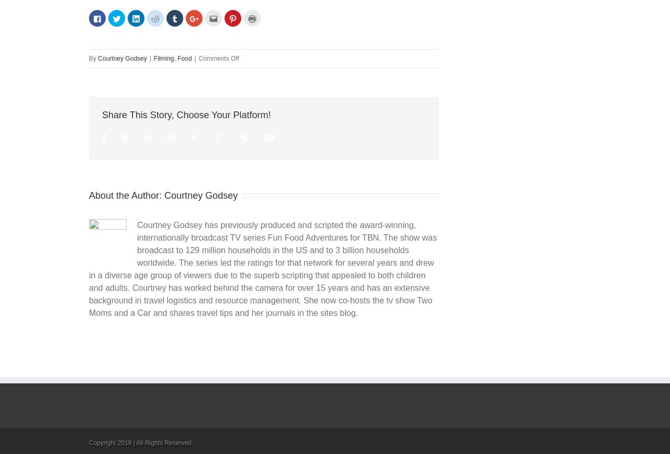 The image size is (670, 454). I want to click on 'Courtney Godsey has previously produced and scripted the award-winning, internationally broadcast TV series Fun Food Adventures for TBN. The show was broadcast to 129 million households in the US and to 3 billion households worldwide. The series led the ratings for that network for several years and drew in a diverse age group of viewers due to the superb scripting that appealed to both children and adults. Courtney has worked behind the camera for over 15 years and has an extensive background in travel logistics and resource management.  She now co-hosts the tv show Two Moms and a Car and shares travel tips and her journals in the sites blog.', so click(263, 268).